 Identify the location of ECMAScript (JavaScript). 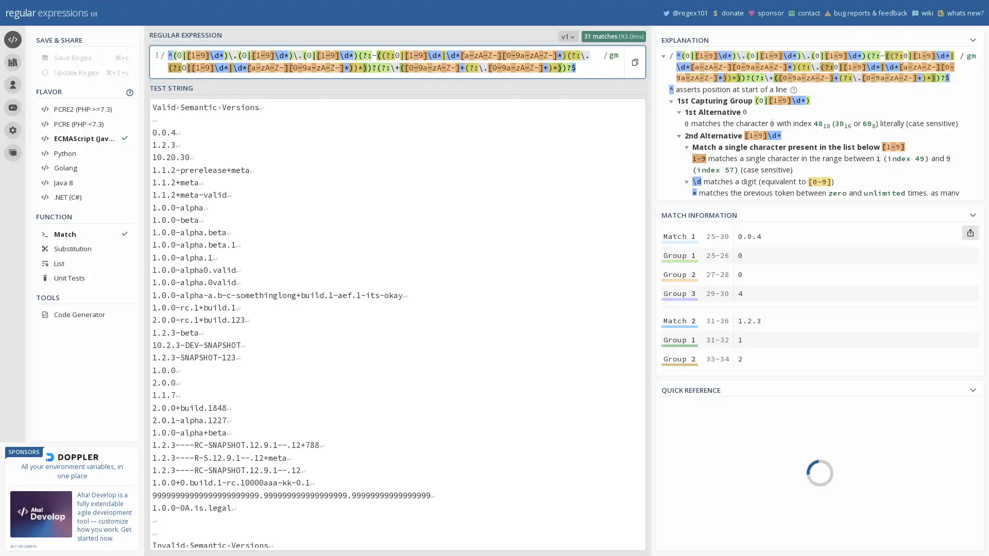
(84, 138).